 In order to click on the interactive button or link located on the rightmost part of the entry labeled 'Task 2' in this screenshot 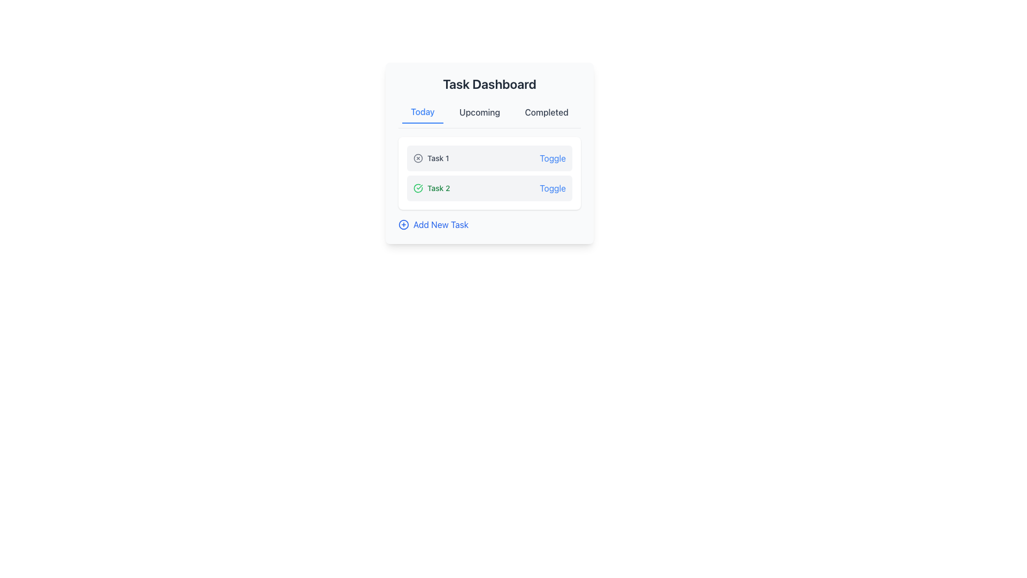, I will do `click(553, 187)`.